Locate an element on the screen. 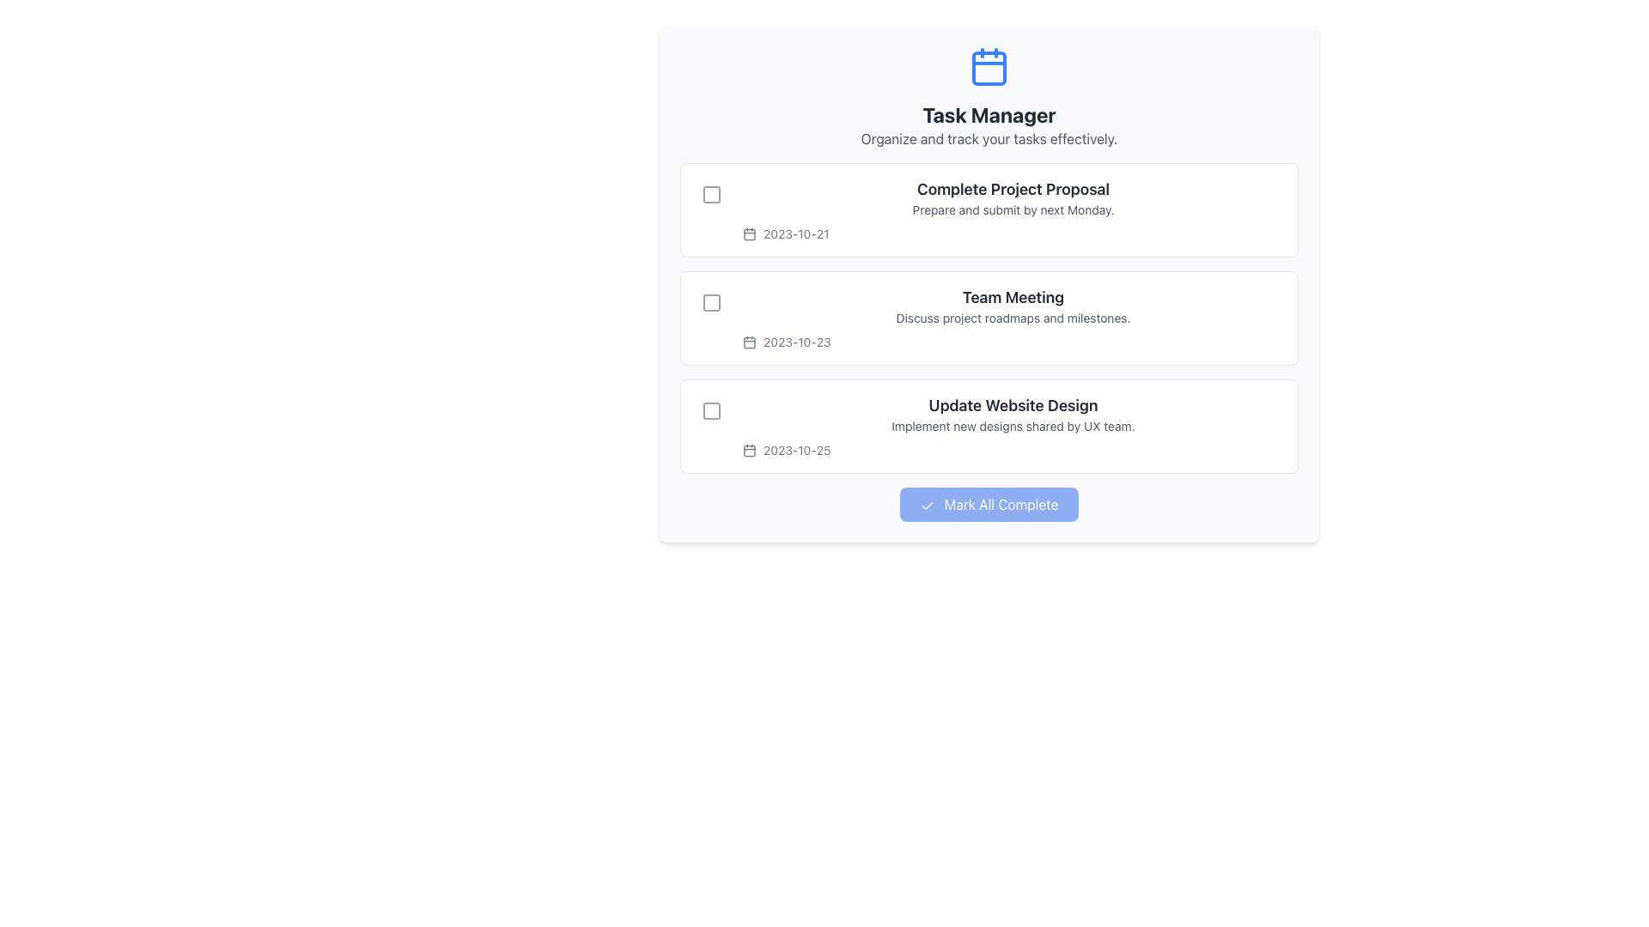 This screenshot has height=927, width=1649. text label displaying '2023-10-21' which is positioned to the right of the calendar icon and below the task title 'Complete Project Proposal' is located at coordinates (795, 234).